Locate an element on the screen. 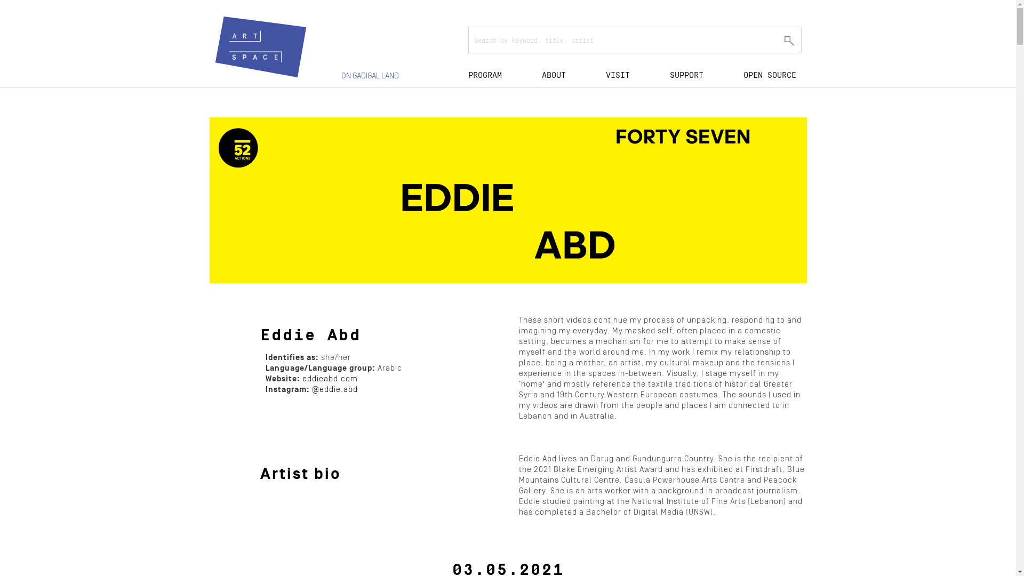 The width and height of the screenshot is (1024, 576). '@eddie.abd' is located at coordinates (334, 389).